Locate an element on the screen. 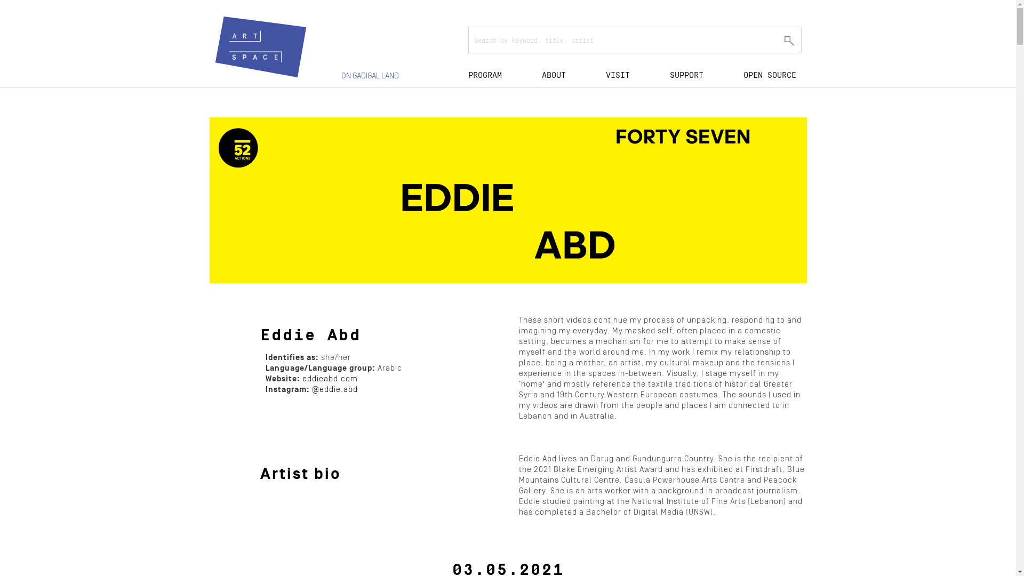 The width and height of the screenshot is (1024, 576). '@eddie.abd' is located at coordinates (334, 389).